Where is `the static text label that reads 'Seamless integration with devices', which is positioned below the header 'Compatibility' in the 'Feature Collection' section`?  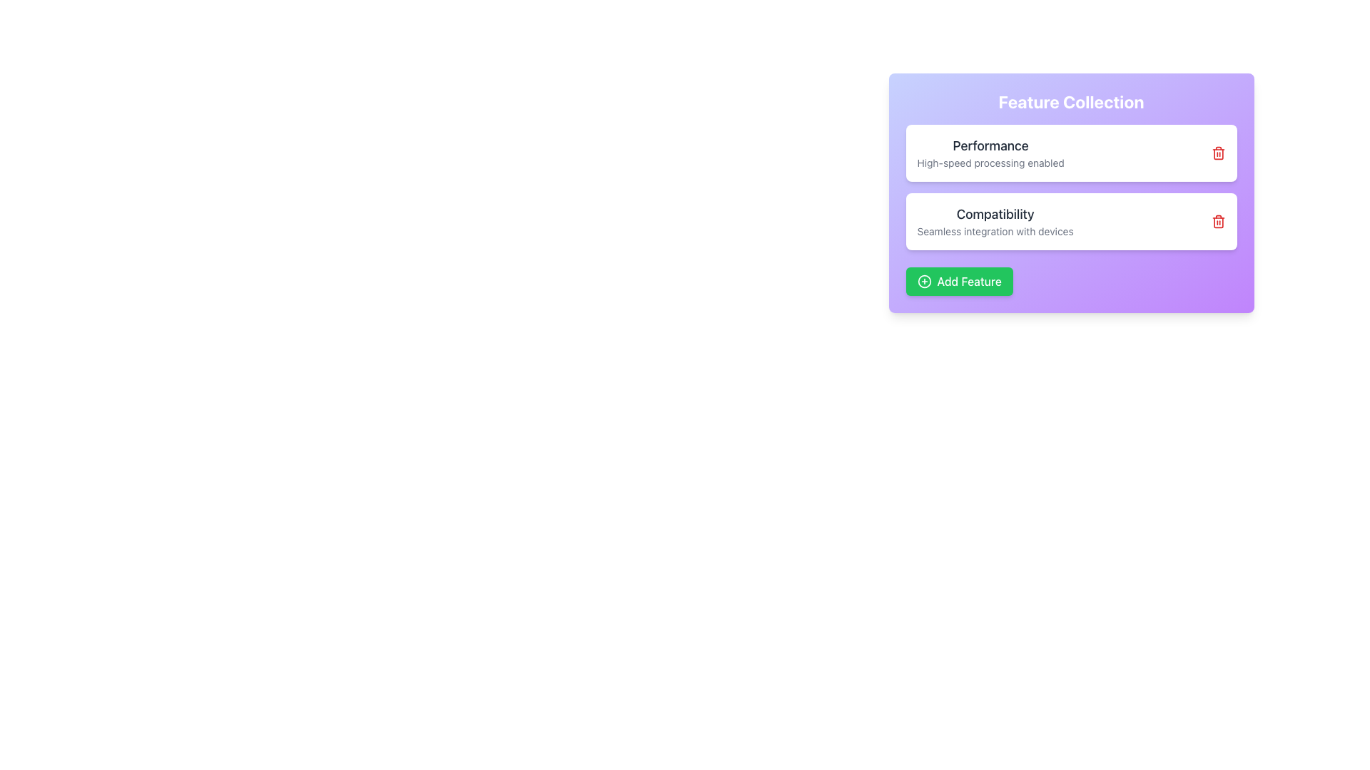 the static text label that reads 'Seamless integration with devices', which is positioned below the header 'Compatibility' in the 'Feature Collection' section is located at coordinates (995, 230).